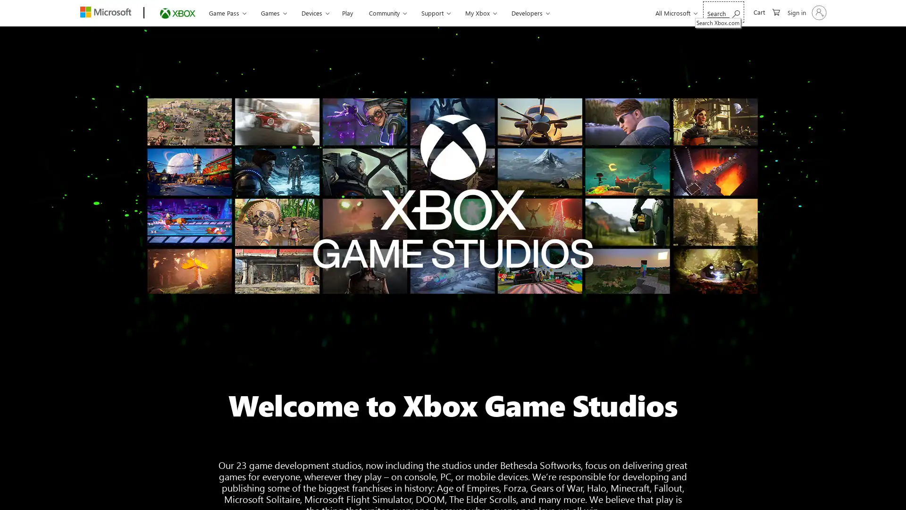 Image resolution: width=906 pixels, height=510 pixels. I want to click on Games, so click(271, 13).